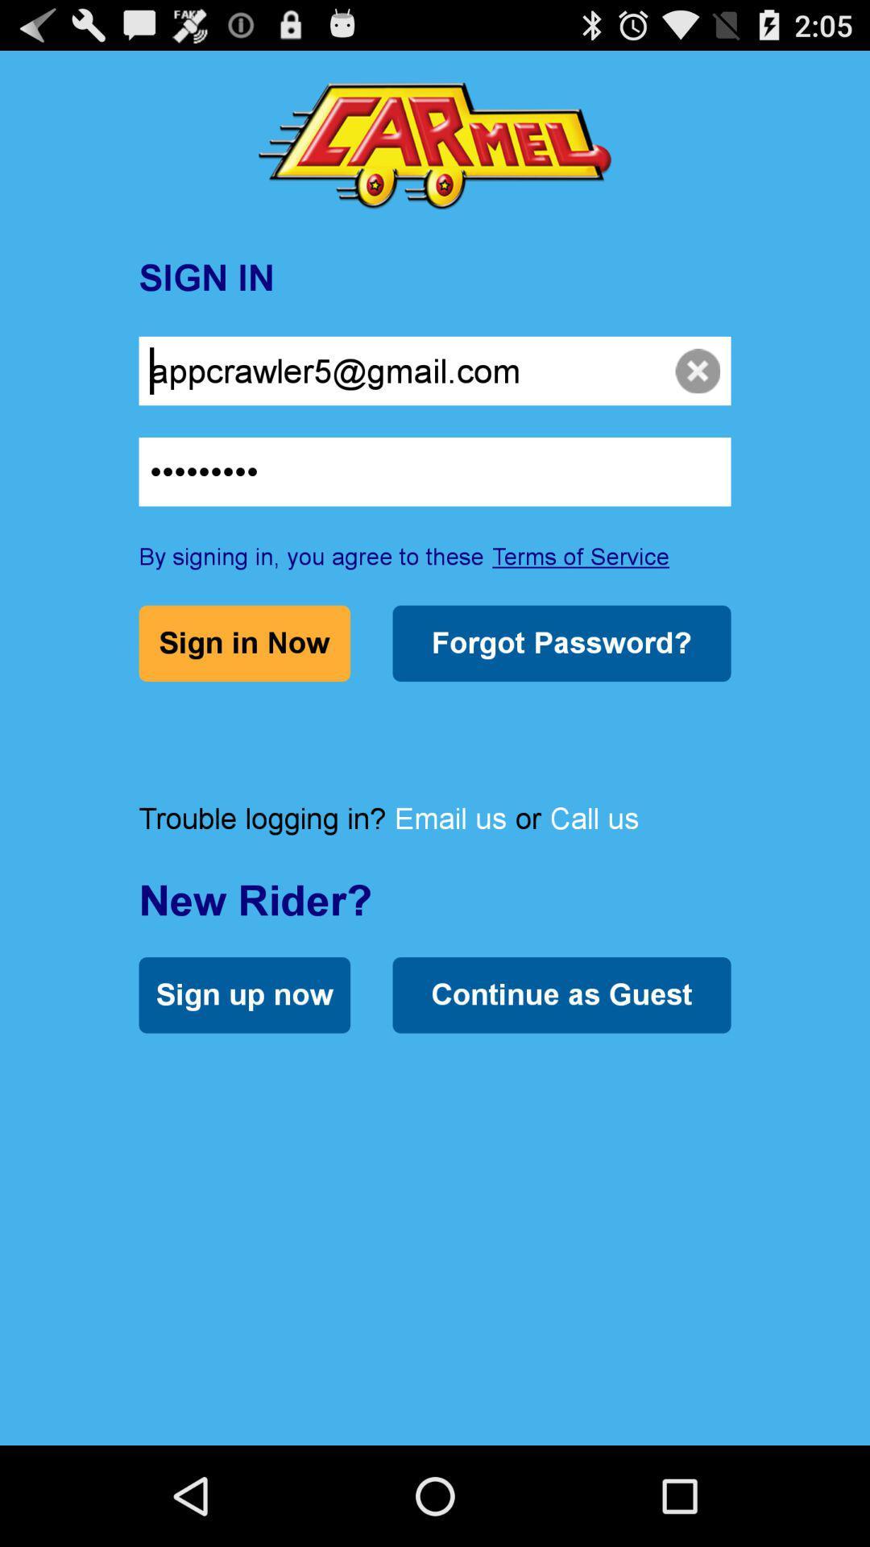  I want to click on the appcrawler5@gmail.com, so click(435, 370).